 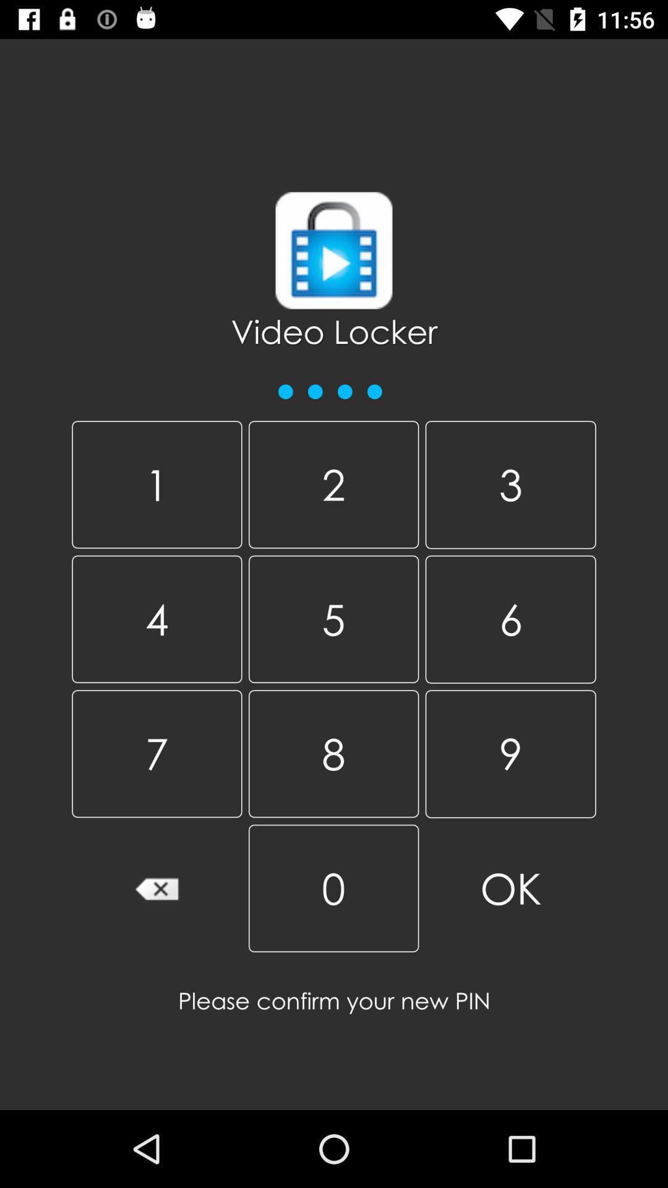 I want to click on item next to the 2 icon, so click(x=510, y=484).